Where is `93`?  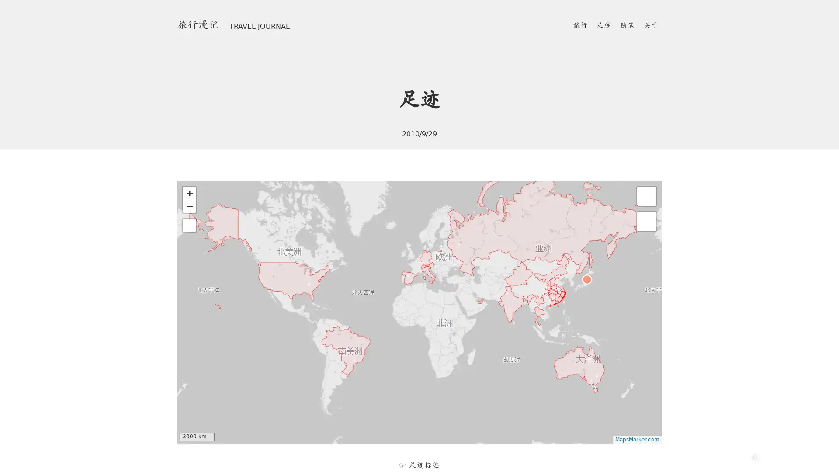
93 is located at coordinates (562, 292).